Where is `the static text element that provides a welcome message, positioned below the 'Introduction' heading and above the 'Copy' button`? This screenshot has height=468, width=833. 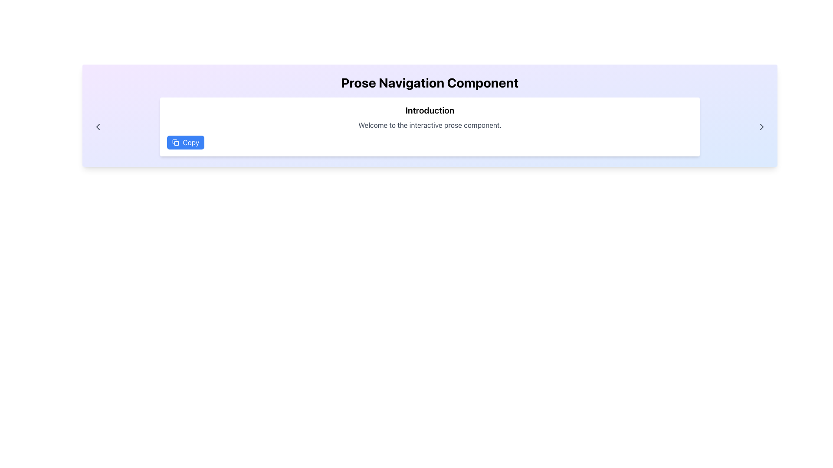 the static text element that provides a welcome message, positioned below the 'Introduction' heading and above the 'Copy' button is located at coordinates (430, 125).